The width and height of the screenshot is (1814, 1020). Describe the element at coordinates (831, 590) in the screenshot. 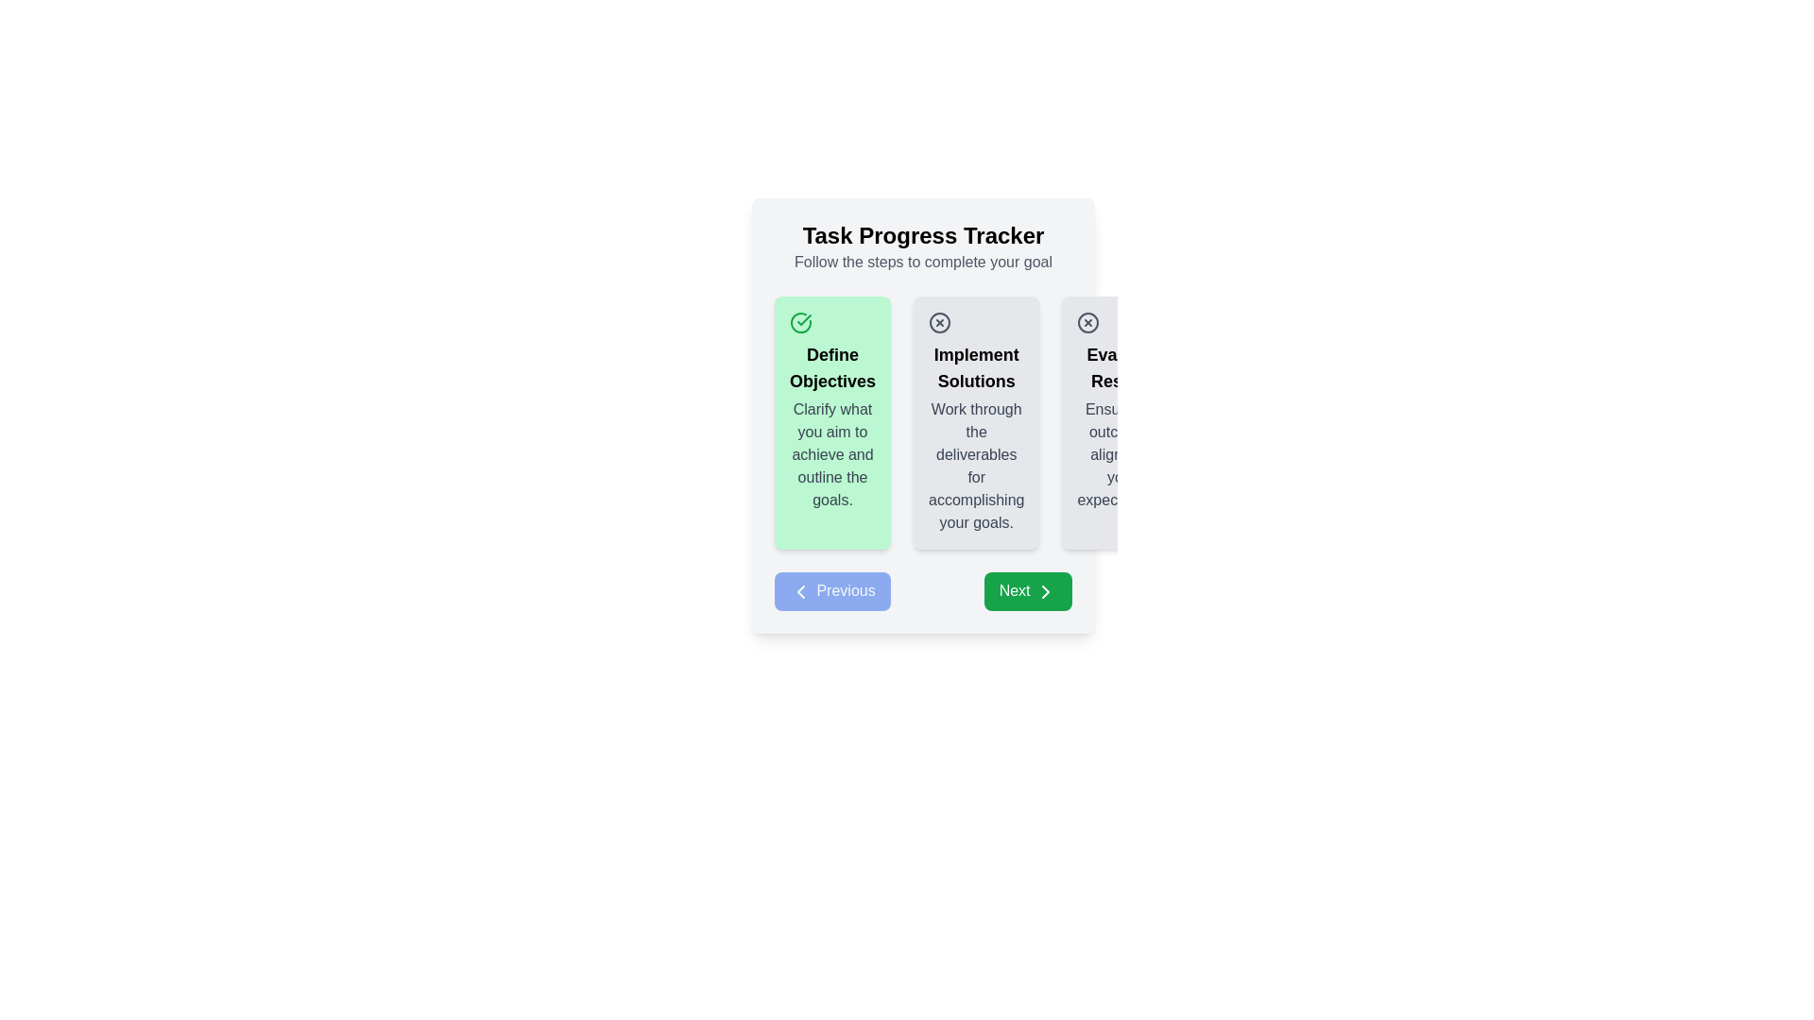

I see `the 'Previous' button with a blue background and white text, located in the navigation footer of the task progress tracker` at that location.